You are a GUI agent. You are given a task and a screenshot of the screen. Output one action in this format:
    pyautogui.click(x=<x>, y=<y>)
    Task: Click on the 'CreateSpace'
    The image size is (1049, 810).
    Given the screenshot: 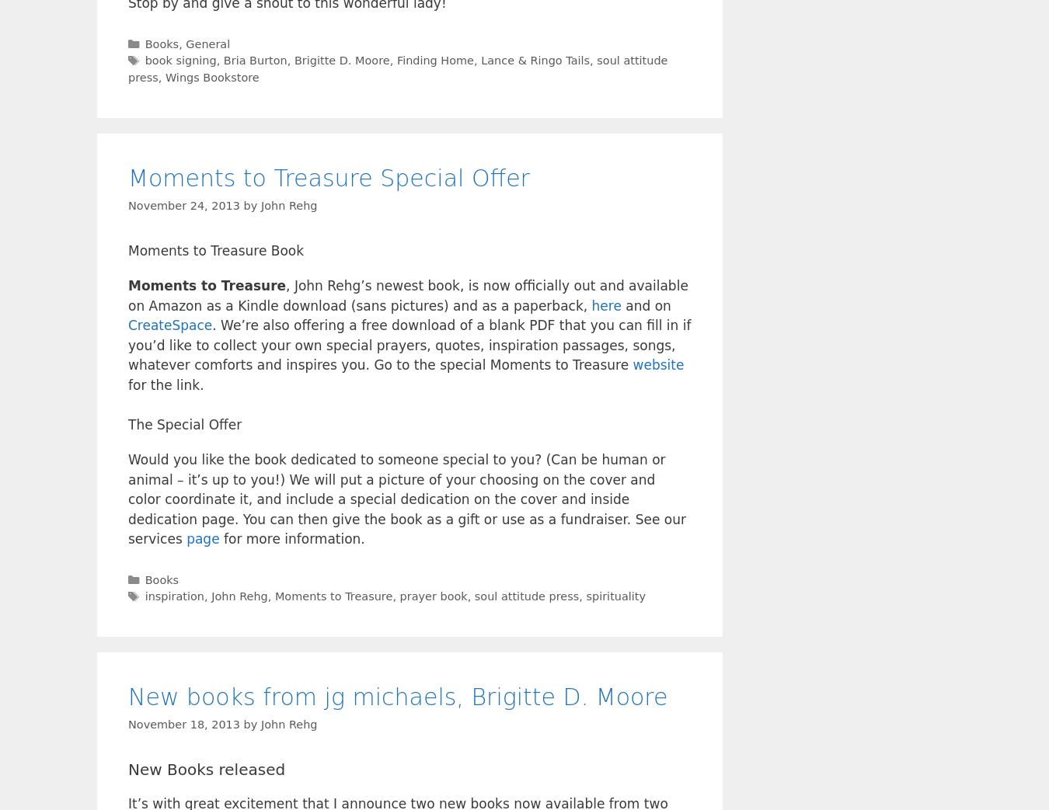 What is the action you would take?
    pyautogui.click(x=169, y=325)
    